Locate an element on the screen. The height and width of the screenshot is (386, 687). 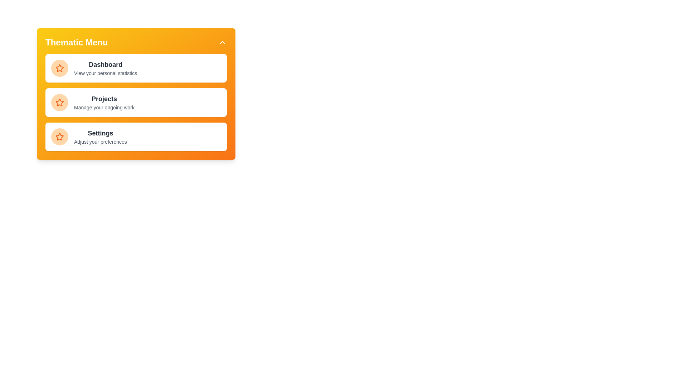
the menu item Dashboard by clicking on it is located at coordinates (136, 68).